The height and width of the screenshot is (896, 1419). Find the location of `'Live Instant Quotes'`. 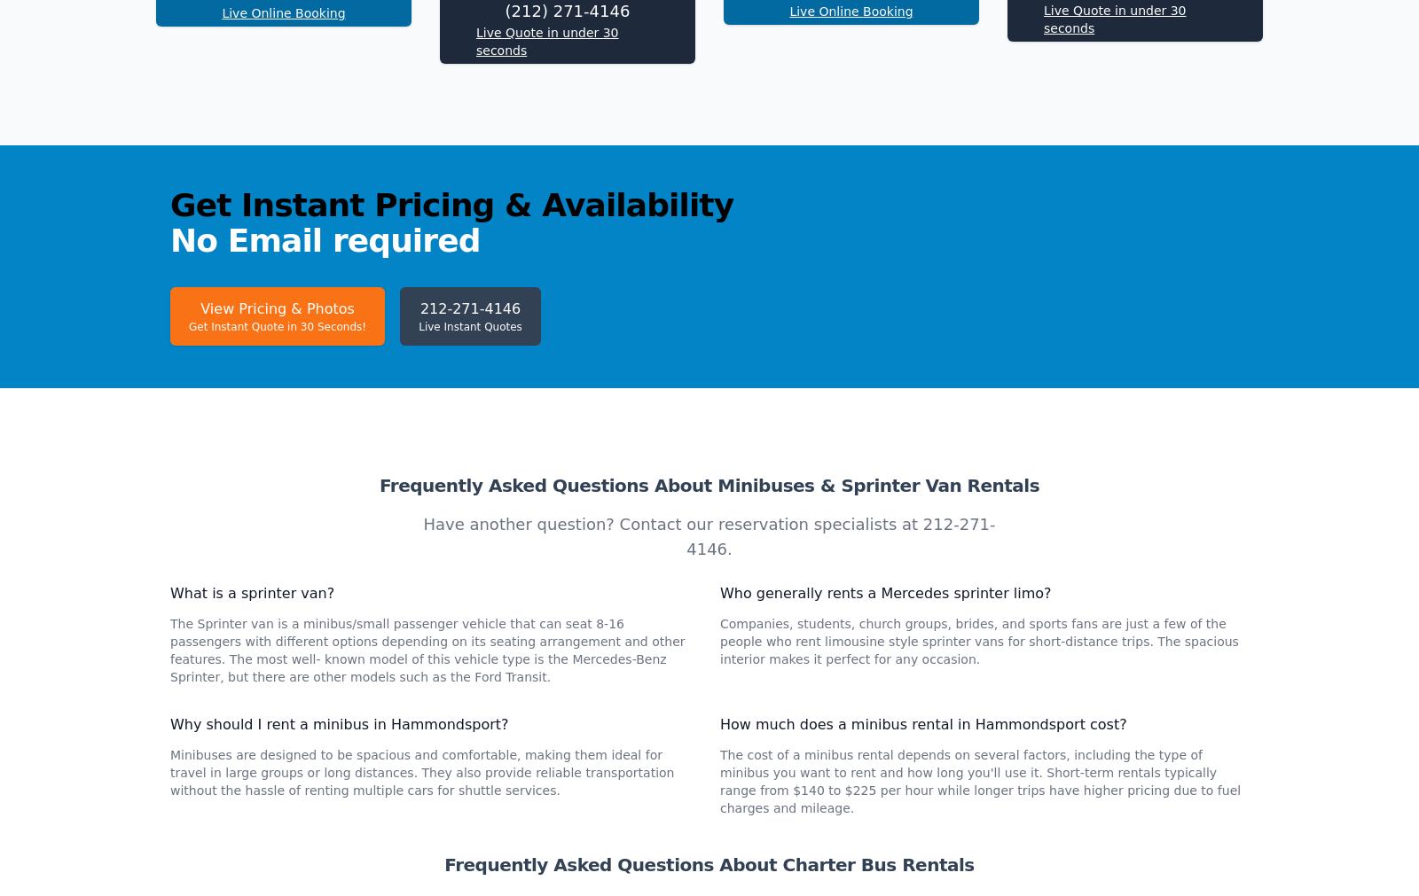

'Live Instant Quotes' is located at coordinates (468, 563).